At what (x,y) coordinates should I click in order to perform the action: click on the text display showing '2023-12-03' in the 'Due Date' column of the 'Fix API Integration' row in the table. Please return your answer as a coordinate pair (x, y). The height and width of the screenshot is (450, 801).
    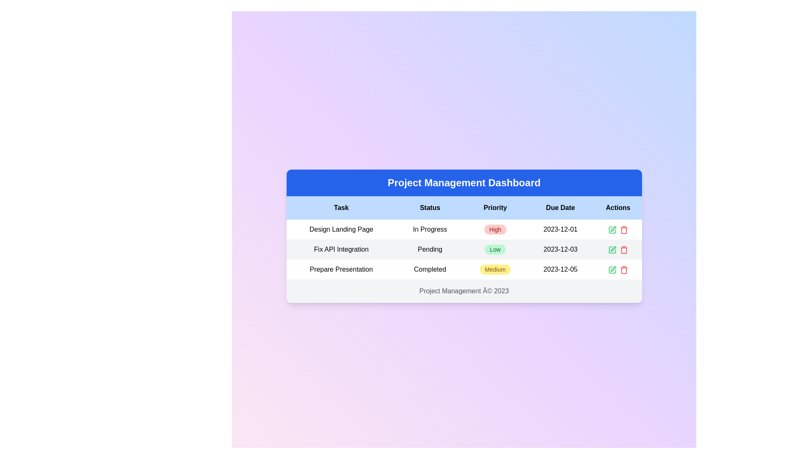
    Looking at the image, I should click on (560, 249).